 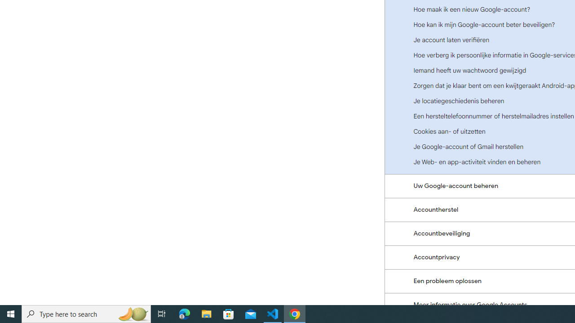 What do you see at coordinates (229, 313) in the screenshot?
I see `'Microsoft Store'` at bounding box center [229, 313].